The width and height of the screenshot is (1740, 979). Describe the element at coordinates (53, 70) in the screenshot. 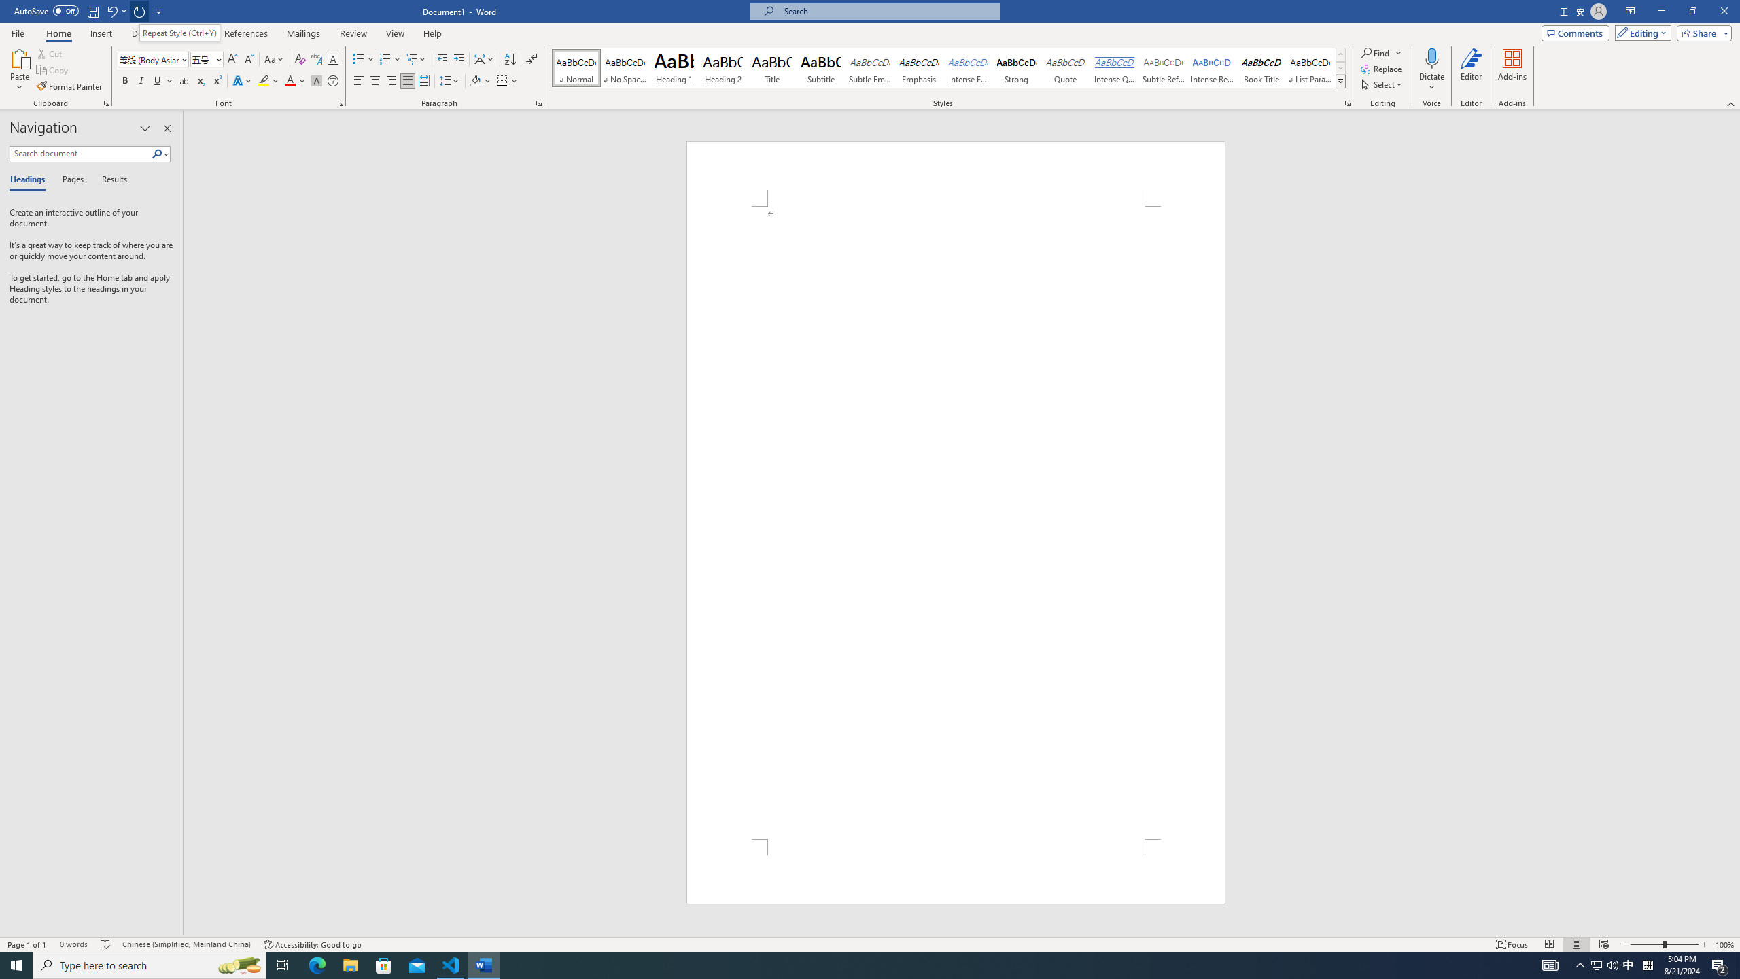

I see `'Copy'` at that location.